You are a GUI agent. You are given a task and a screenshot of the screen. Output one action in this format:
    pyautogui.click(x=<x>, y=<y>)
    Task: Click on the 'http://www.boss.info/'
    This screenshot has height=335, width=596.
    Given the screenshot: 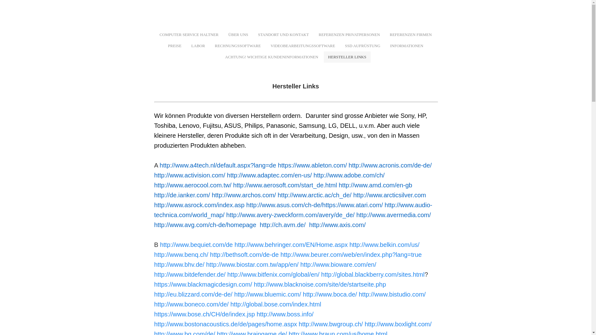 What is the action you would take?
    pyautogui.click(x=285, y=314)
    